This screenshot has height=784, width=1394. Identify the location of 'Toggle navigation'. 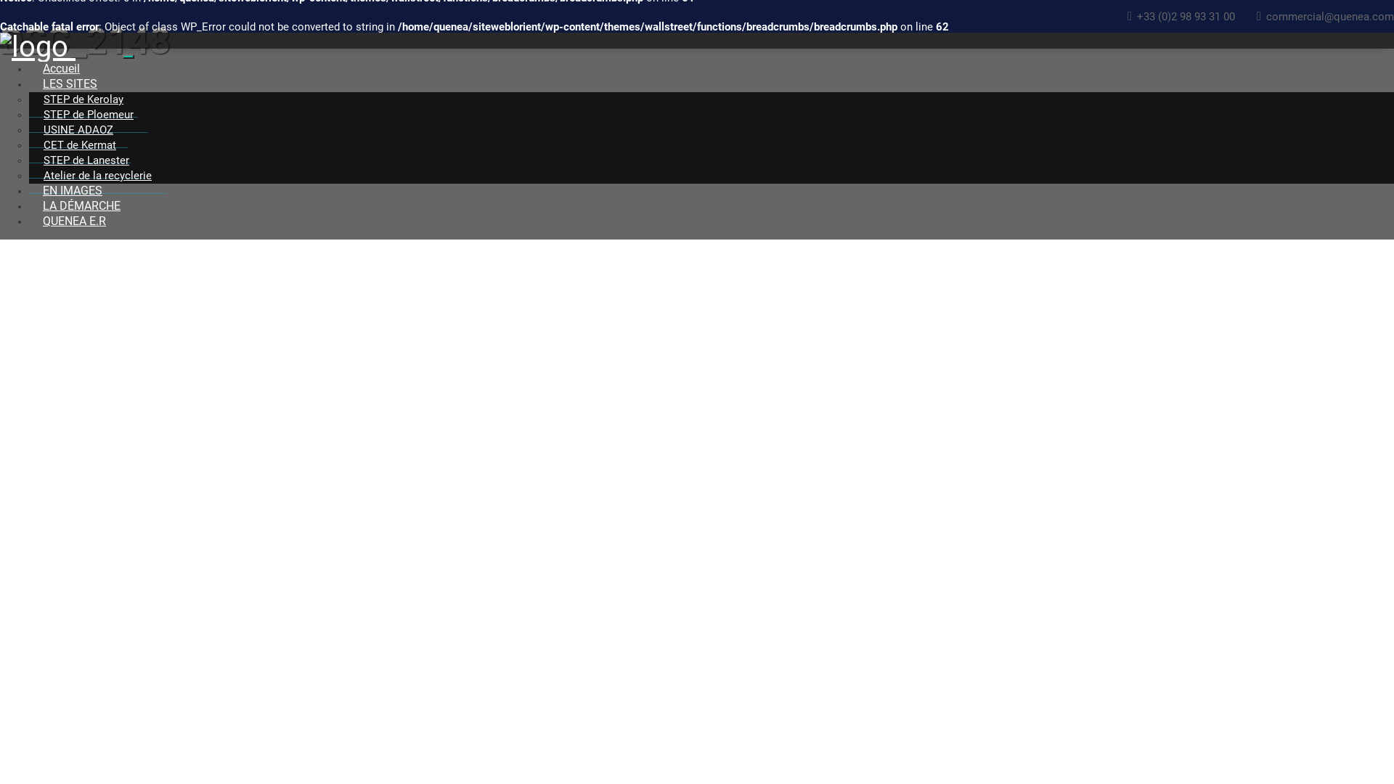
(129, 55).